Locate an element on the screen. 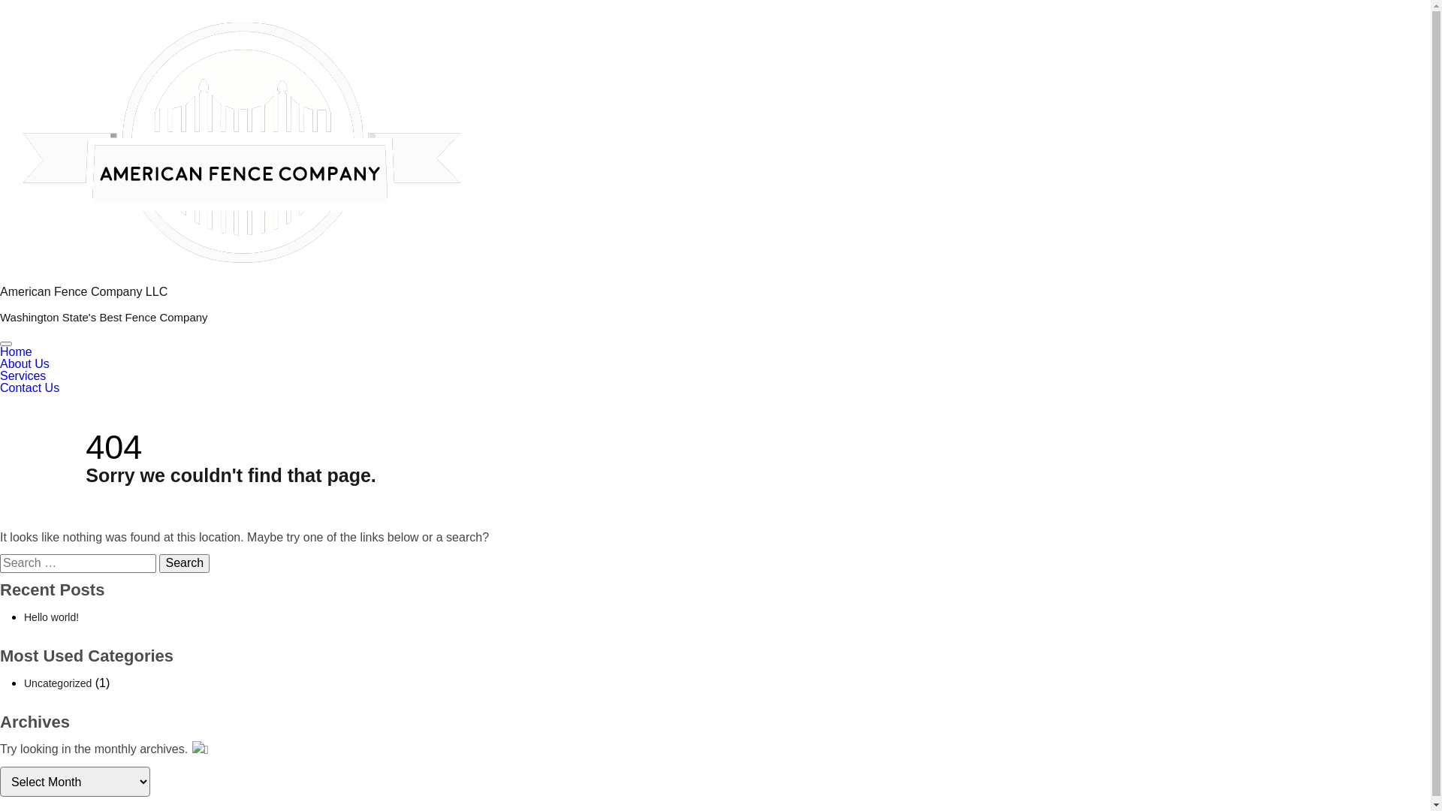 The height and width of the screenshot is (811, 1442). 'Contact Us' is located at coordinates (29, 387).